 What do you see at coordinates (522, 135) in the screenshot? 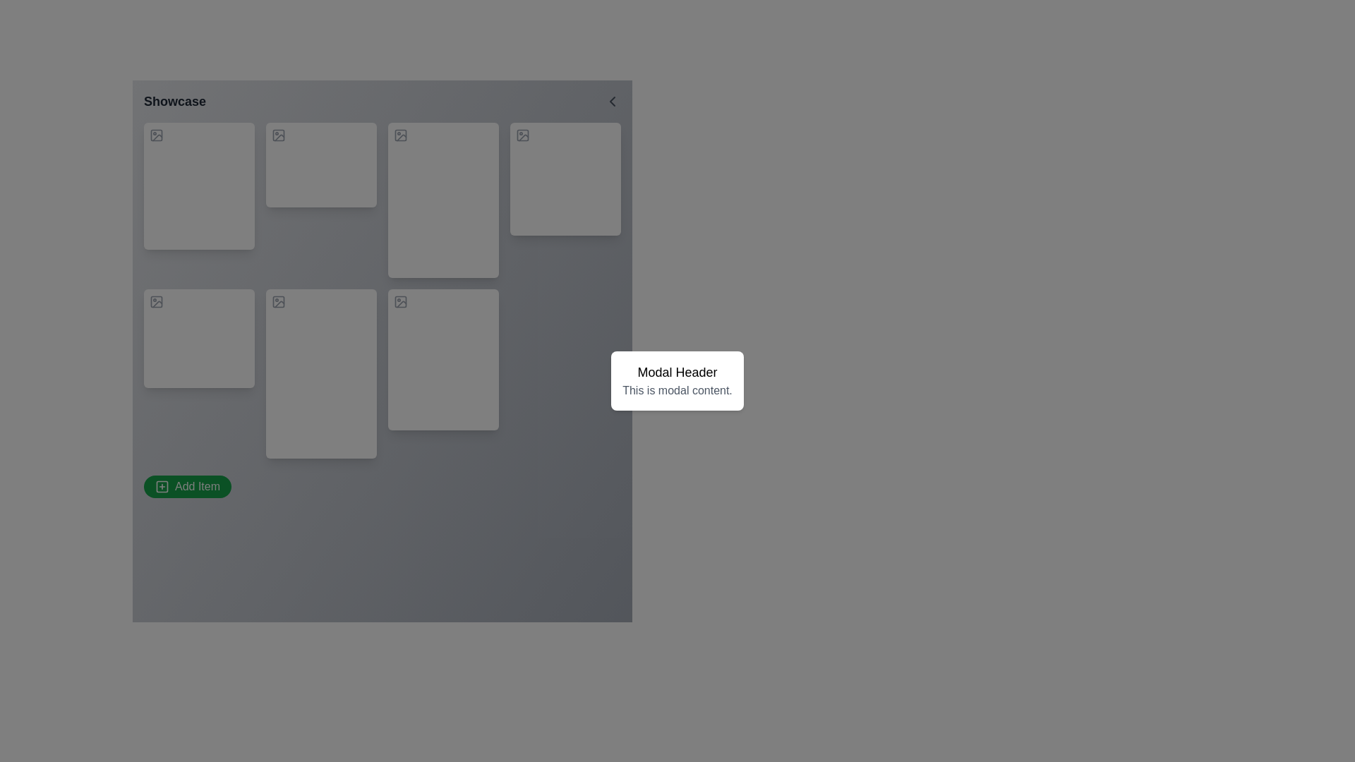
I see `the Decorative icon element, which resembles a picture frame with a circular figure inside it, located in the top-left corner of a card in the top-right area of the interface grid` at bounding box center [522, 135].